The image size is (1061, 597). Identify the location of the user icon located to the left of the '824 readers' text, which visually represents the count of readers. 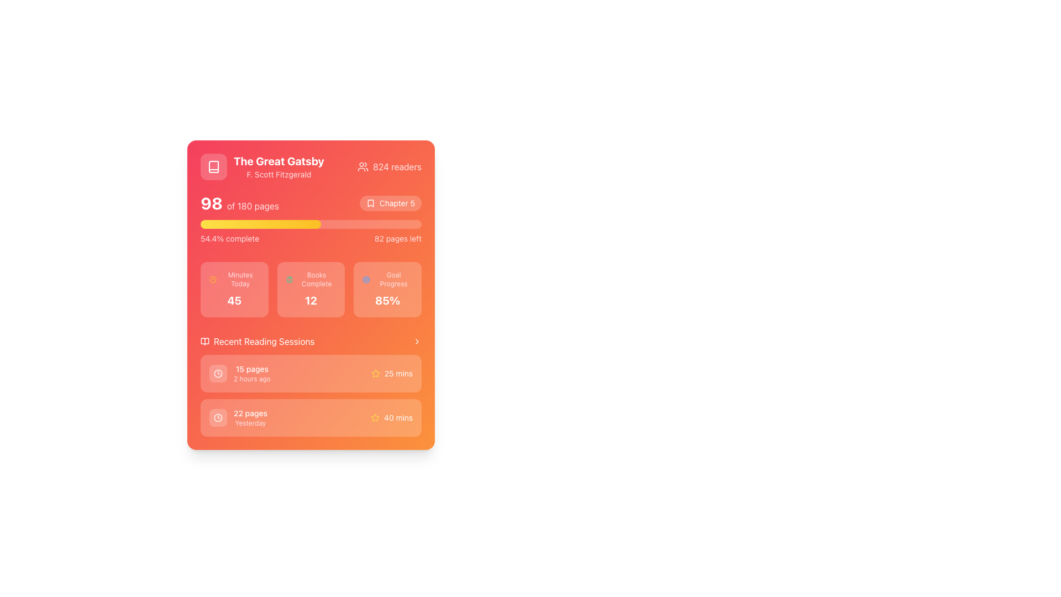
(363, 166).